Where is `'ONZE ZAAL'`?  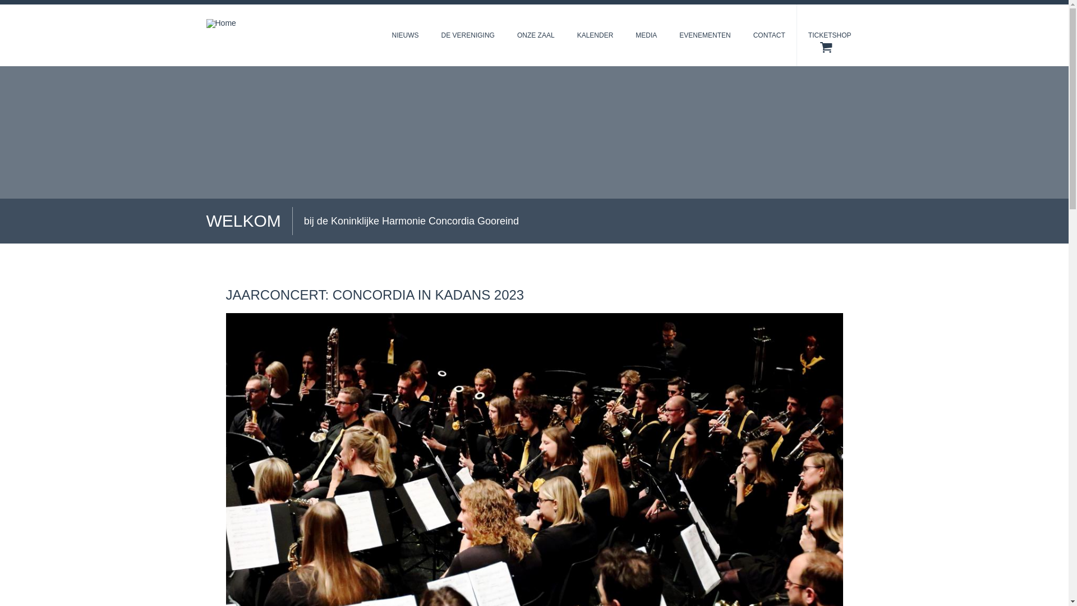
'ONZE ZAAL' is located at coordinates (505, 34).